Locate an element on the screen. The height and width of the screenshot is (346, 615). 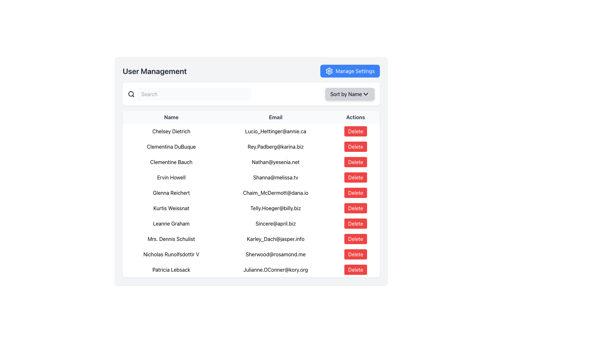
the inner circular part of the magnifying glass icon, which serves as a search indicator located in the top-left corner of the interface, adjacent to the input field labeled 'Search' is located at coordinates (131, 94).